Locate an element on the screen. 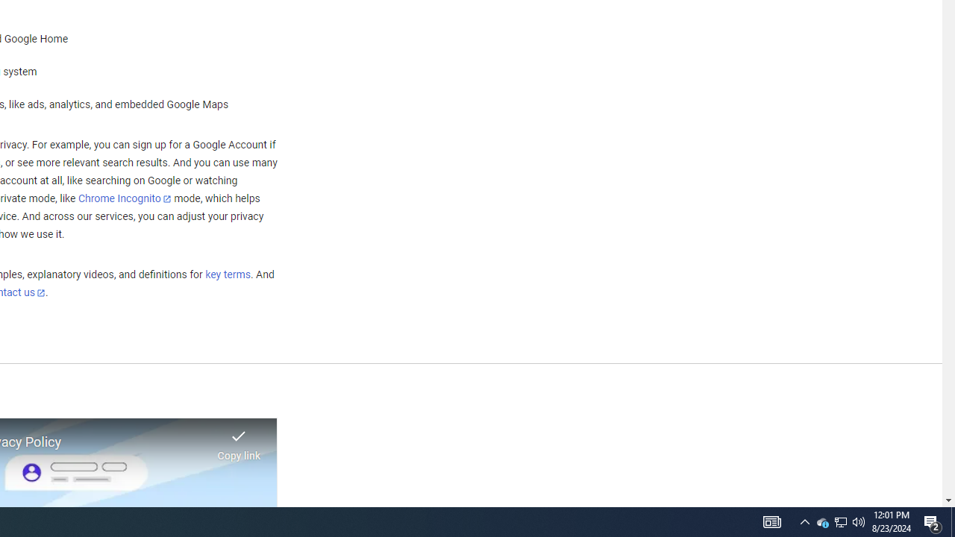 The width and height of the screenshot is (955, 537). 'key terms' is located at coordinates (227, 274).